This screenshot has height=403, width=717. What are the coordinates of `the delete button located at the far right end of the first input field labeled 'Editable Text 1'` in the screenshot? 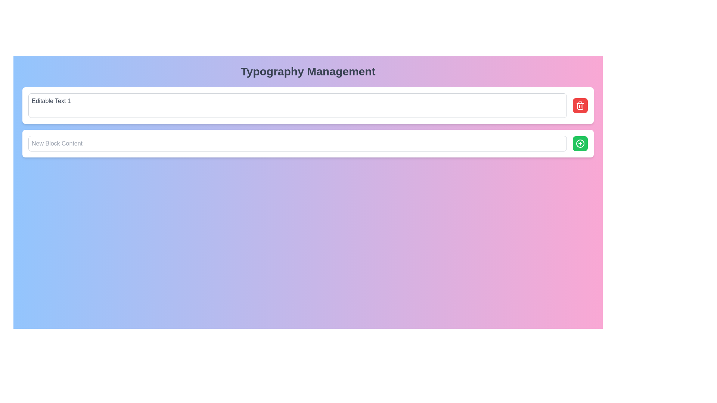 It's located at (580, 105).